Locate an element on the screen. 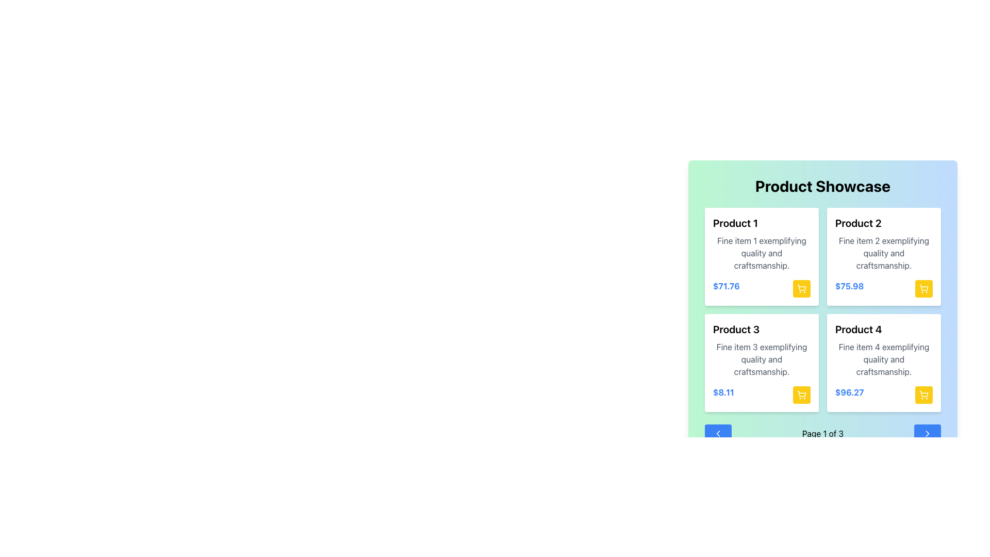  the navigational icon located within the blue rounded button at the bottom left of the product listings is located at coordinates (717, 433).